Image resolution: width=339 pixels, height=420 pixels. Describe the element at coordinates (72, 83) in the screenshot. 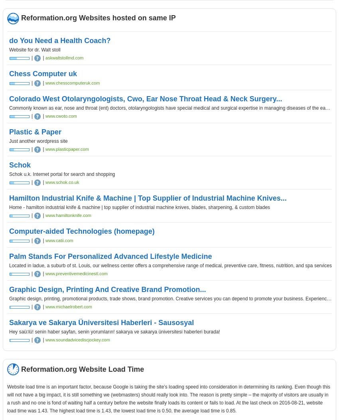

I see `'www.chesscomputeruk.com'` at that location.